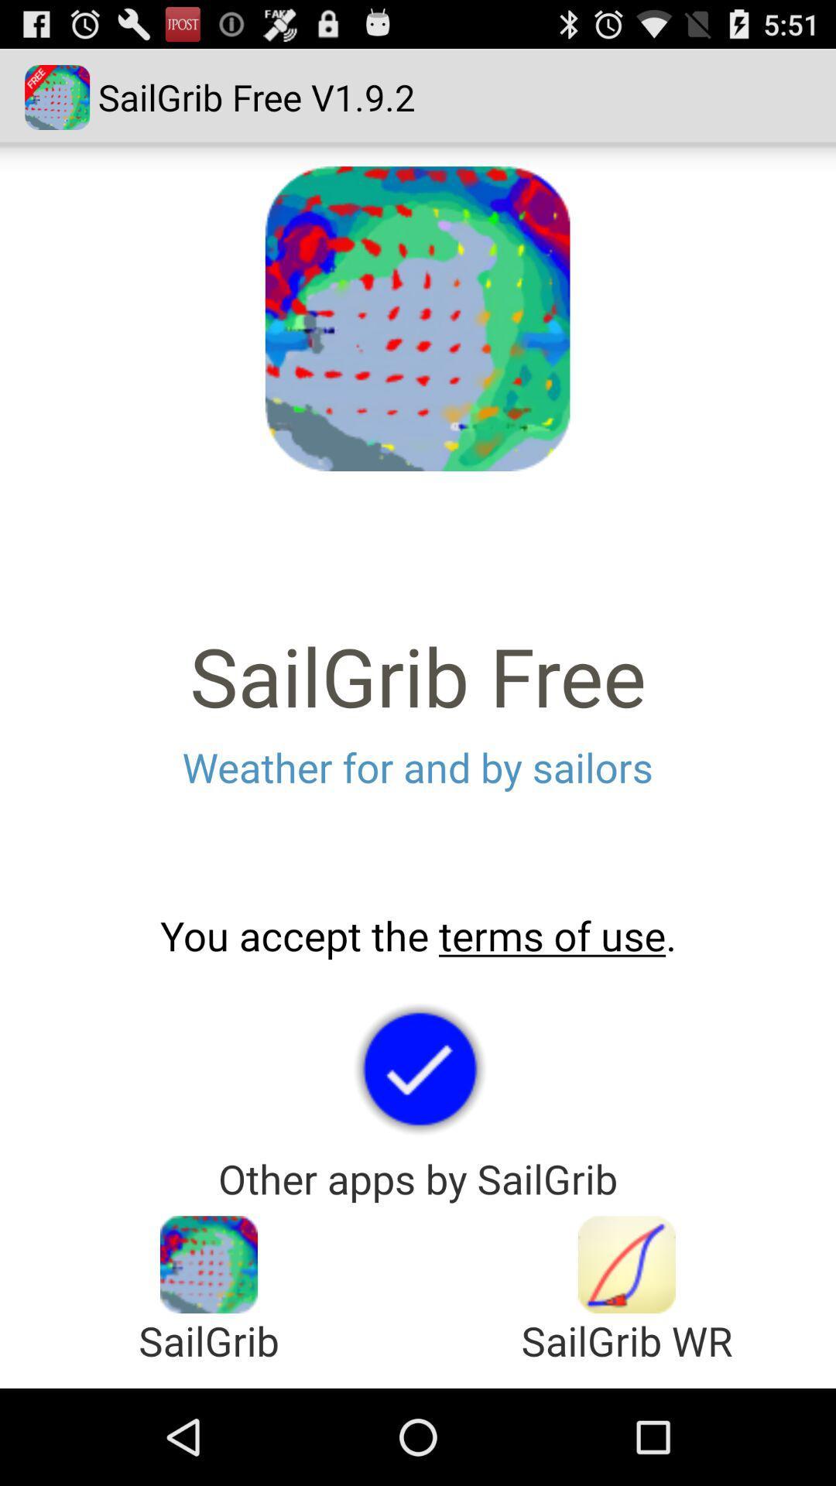 This screenshot has width=836, height=1486. What do you see at coordinates (209, 1265) in the screenshot?
I see `open sailgrib` at bounding box center [209, 1265].